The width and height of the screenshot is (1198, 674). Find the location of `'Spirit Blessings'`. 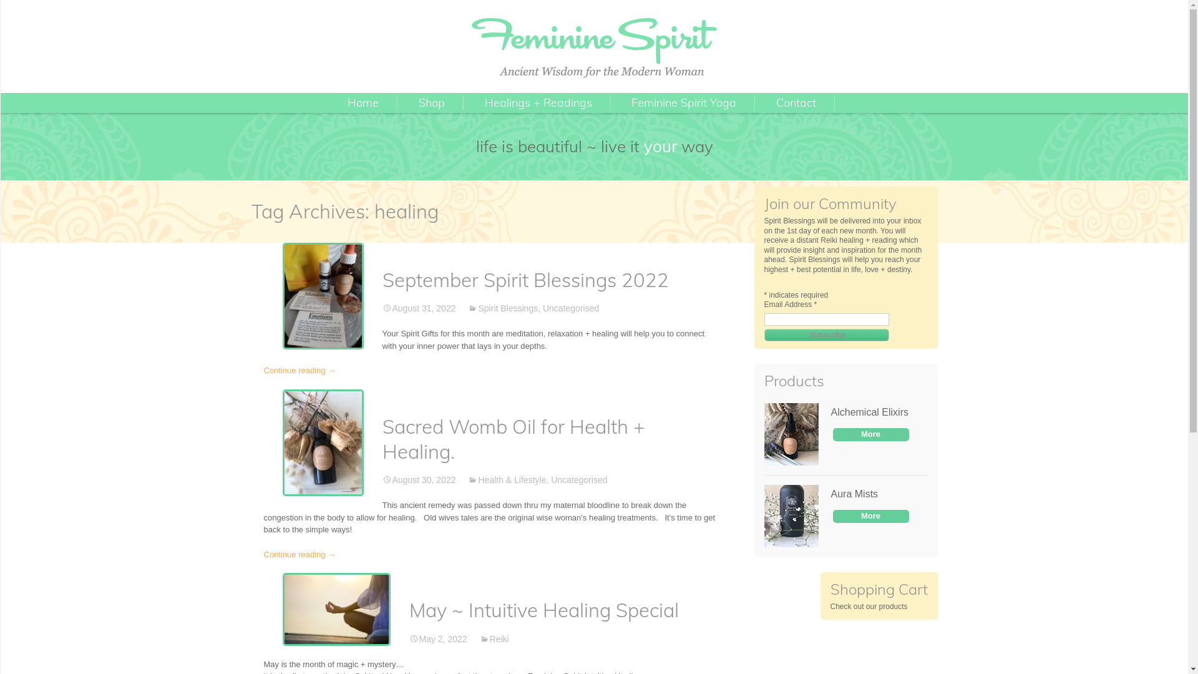

'Spirit Blessings' is located at coordinates (503, 308).